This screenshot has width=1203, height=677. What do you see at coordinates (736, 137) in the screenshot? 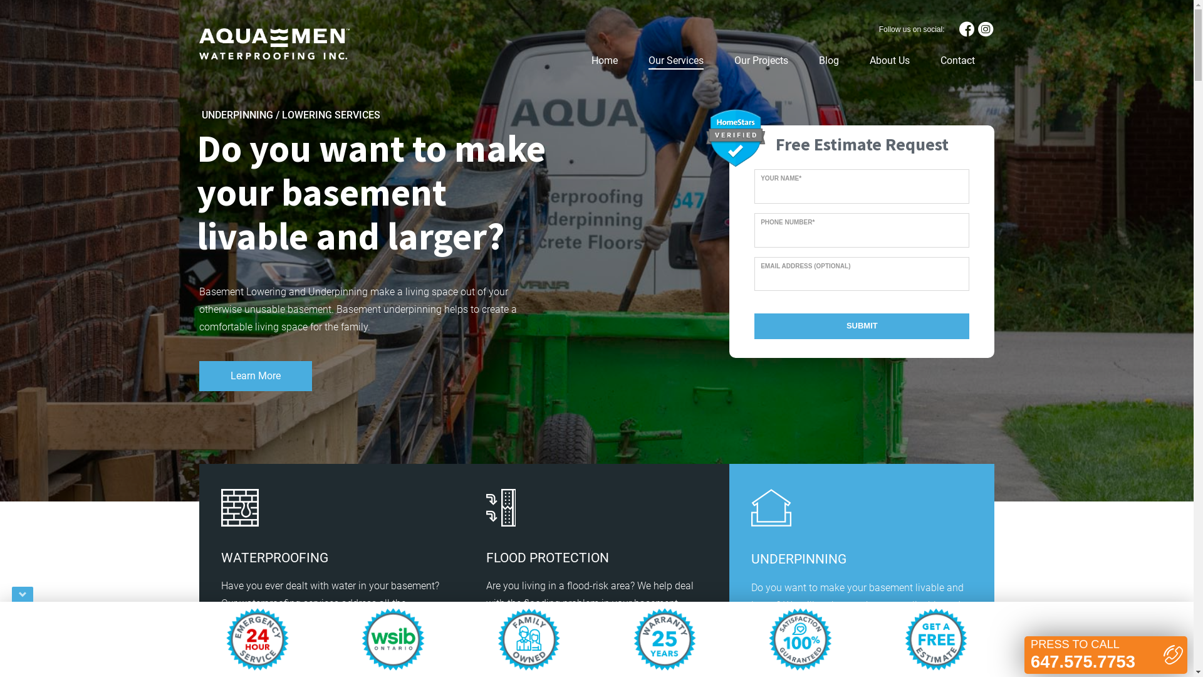
I see `'Aquamen on Homestars'` at bounding box center [736, 137].